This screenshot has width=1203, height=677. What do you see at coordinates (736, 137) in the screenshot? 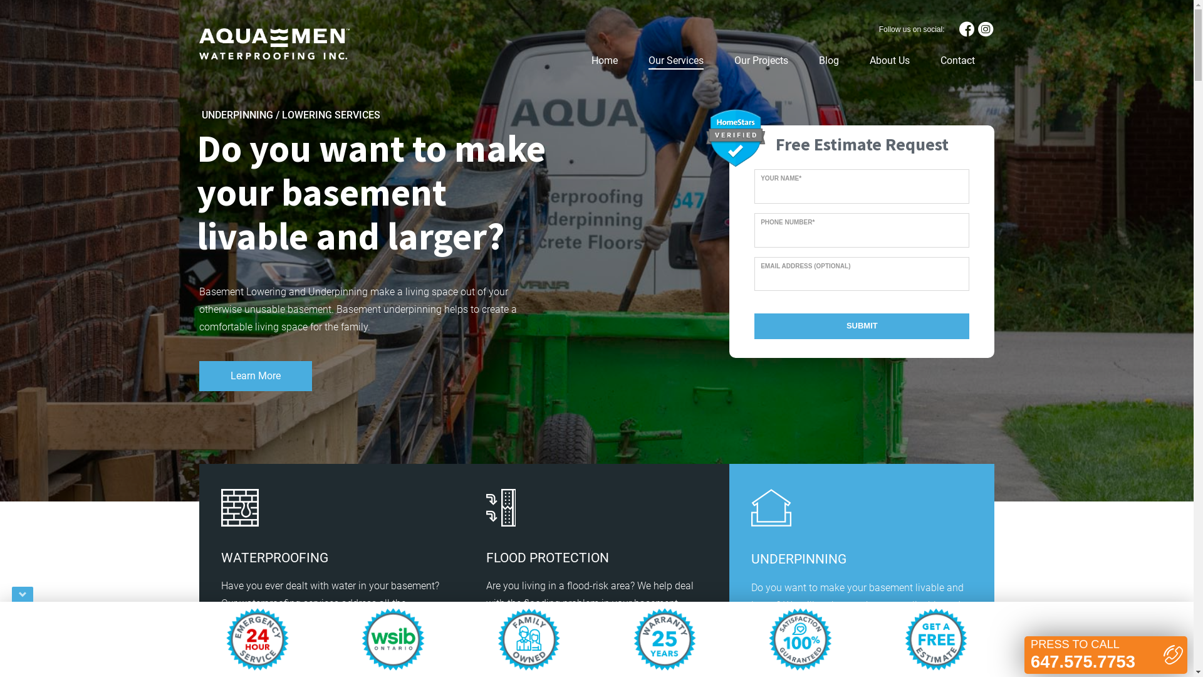
I see `'Aquamen on Homestars'` at bounding box center [736, 137].